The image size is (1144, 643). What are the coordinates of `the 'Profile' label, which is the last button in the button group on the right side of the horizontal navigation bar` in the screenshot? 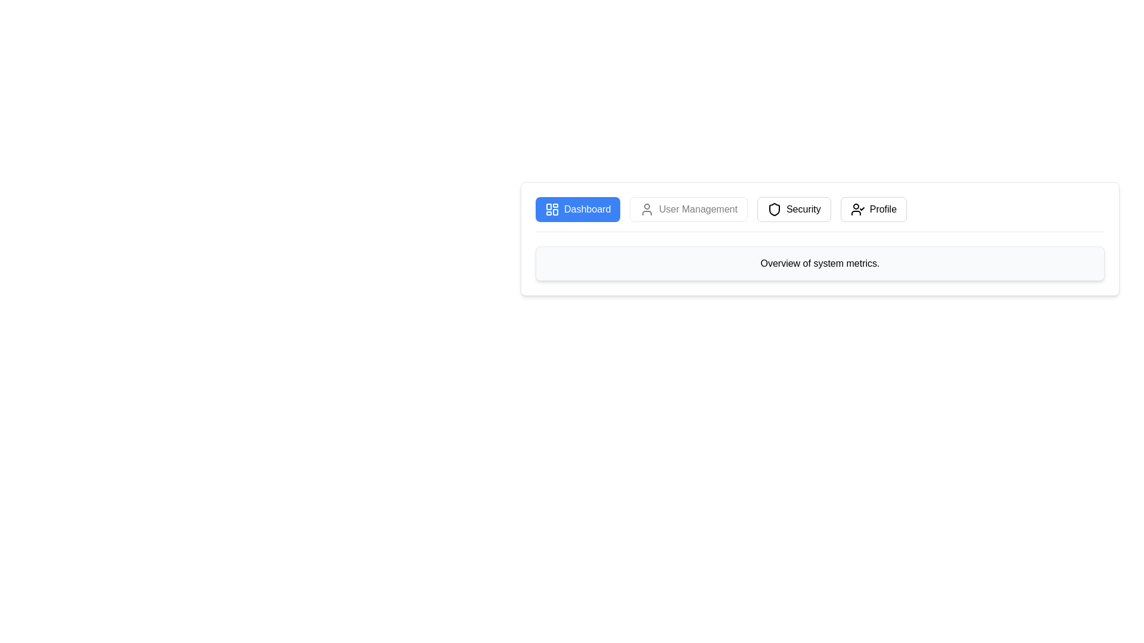 It's located at (883, 208).